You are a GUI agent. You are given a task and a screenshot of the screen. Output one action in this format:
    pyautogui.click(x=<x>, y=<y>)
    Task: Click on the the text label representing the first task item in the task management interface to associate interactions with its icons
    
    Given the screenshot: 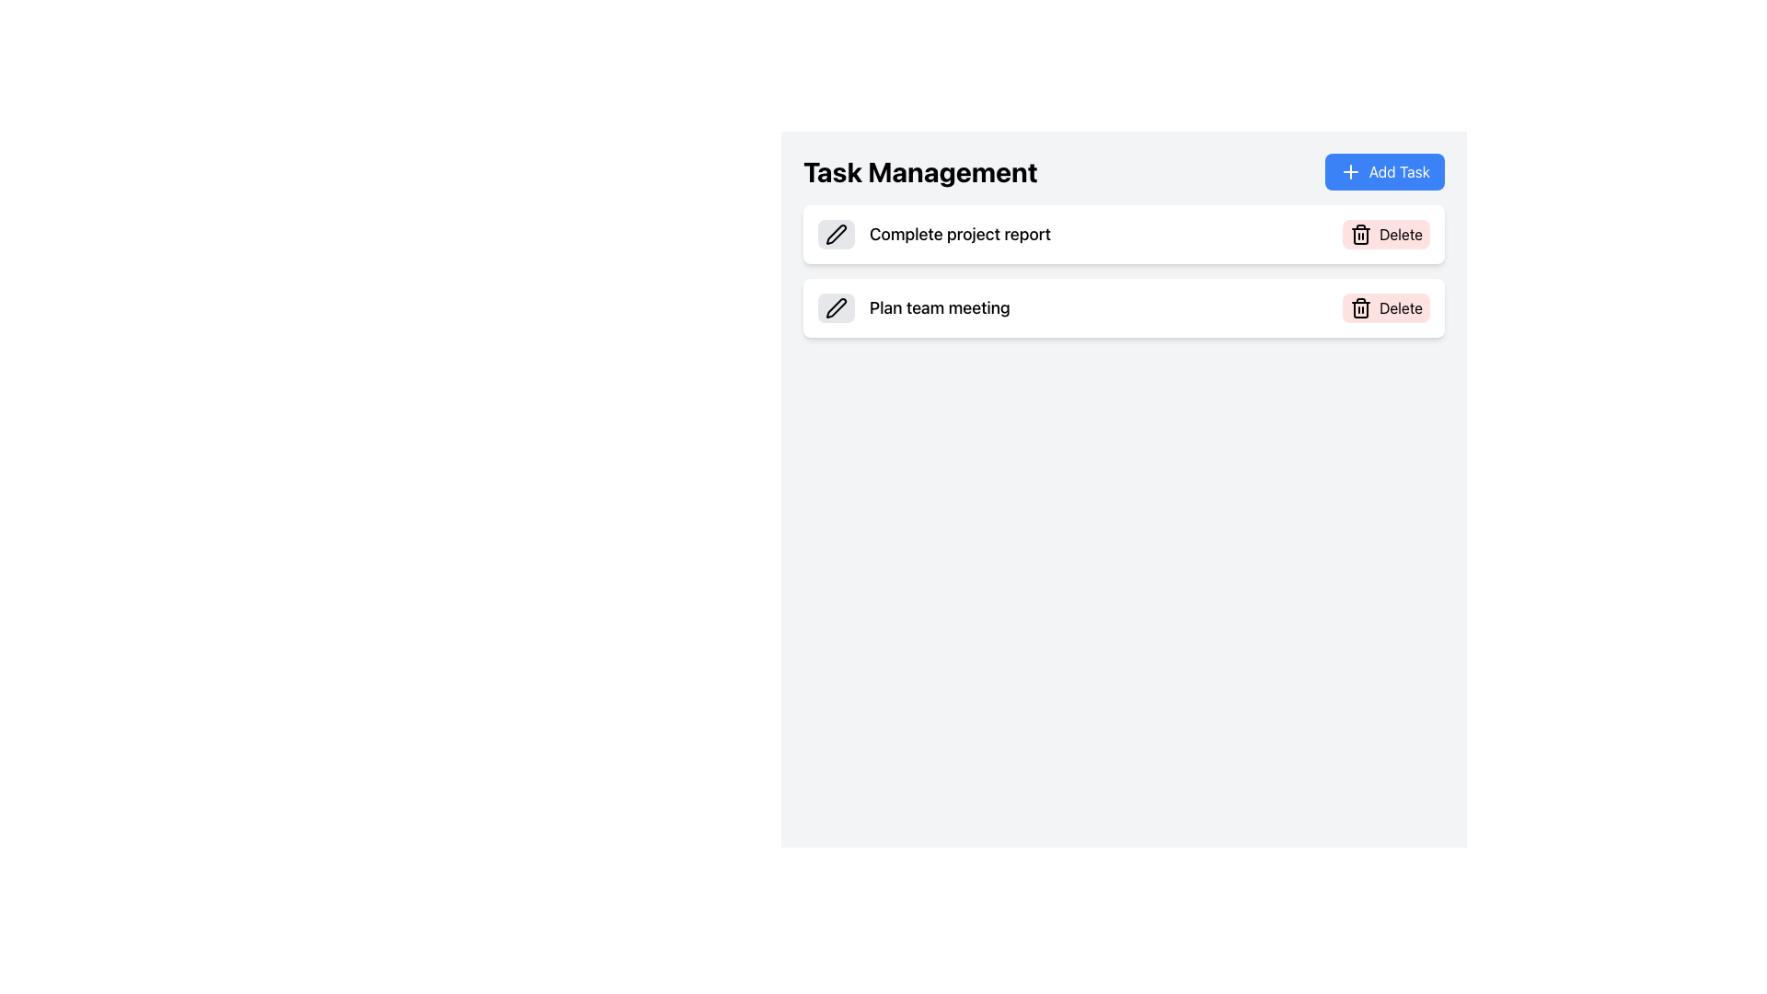 What is the action you would take?
    pyautogui.click(x=934, y=233)
    